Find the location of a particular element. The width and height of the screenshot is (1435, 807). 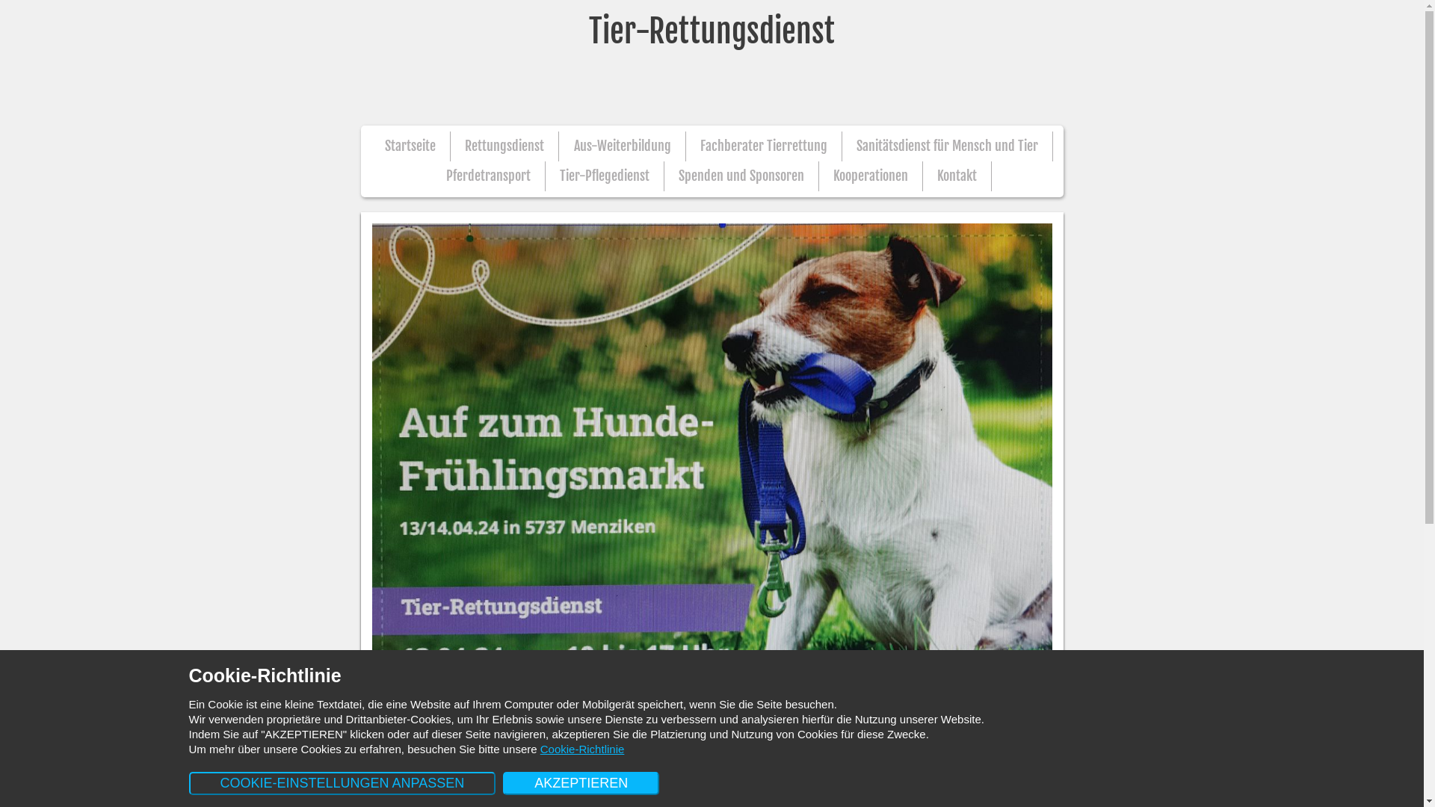

'Tier-Rettungsdienst is located at coordinates (710, 62).